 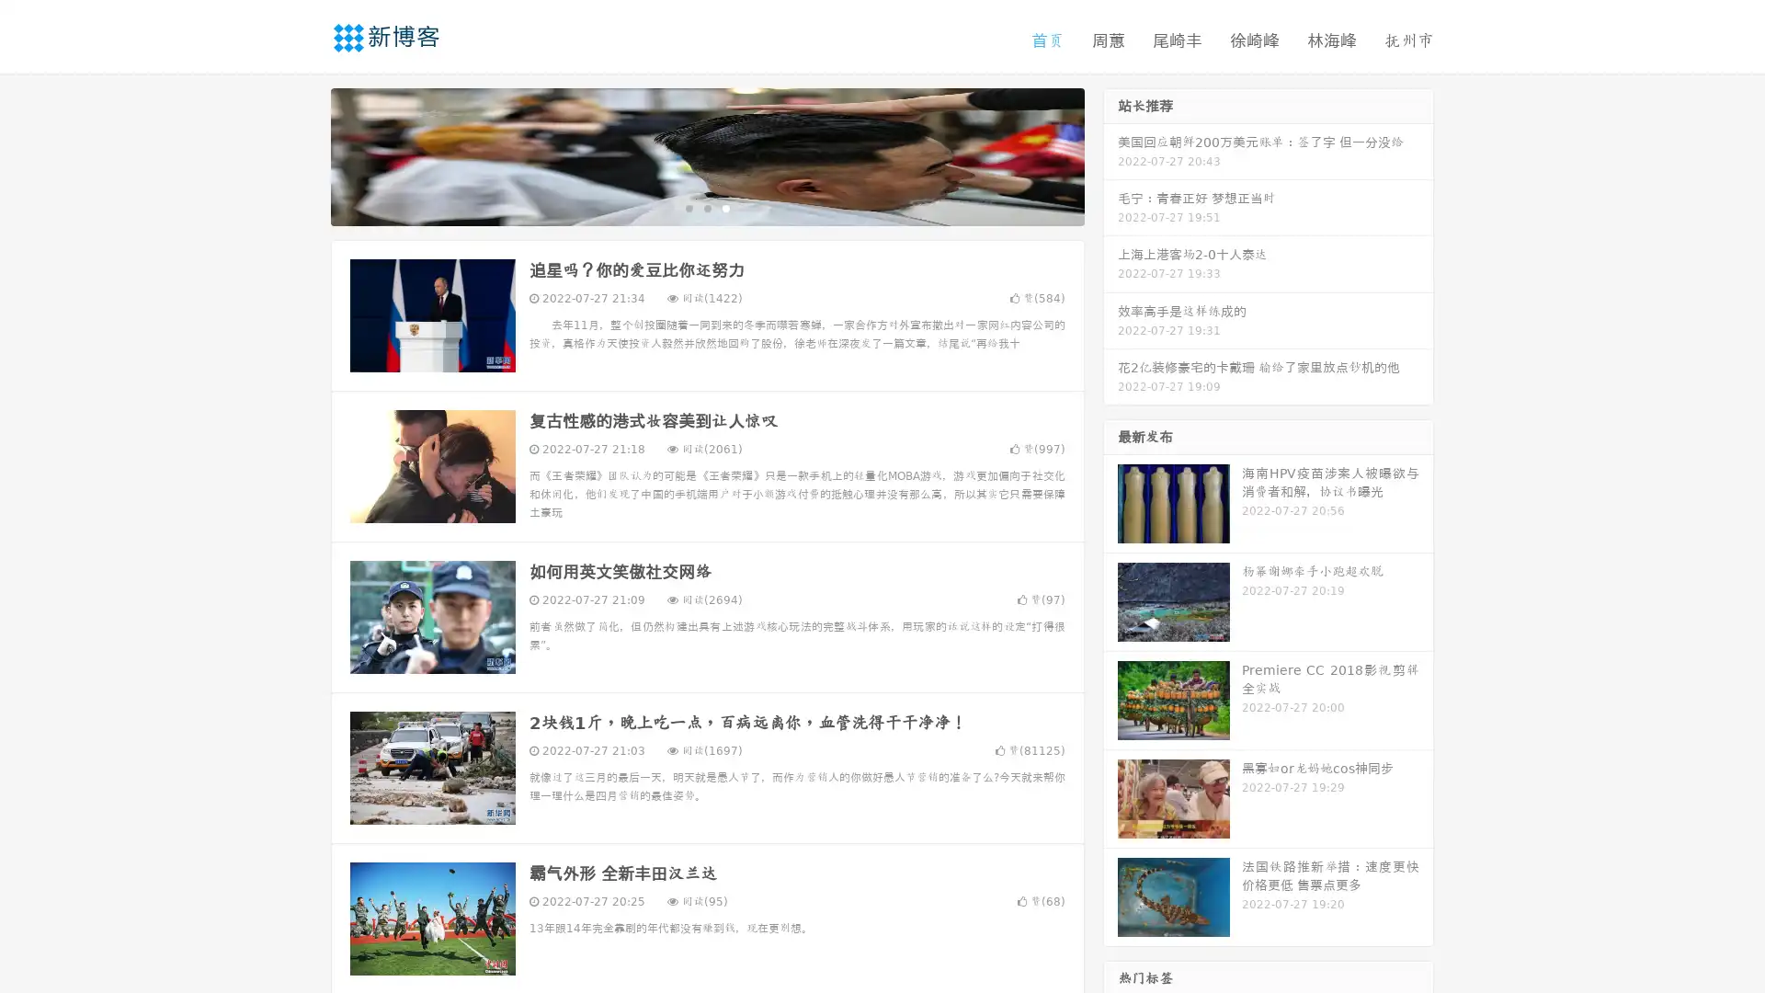 What do you see at coordinates (1110, 154) in the screenshot?
I see `Next slide` at bounding box center [1110, 154].